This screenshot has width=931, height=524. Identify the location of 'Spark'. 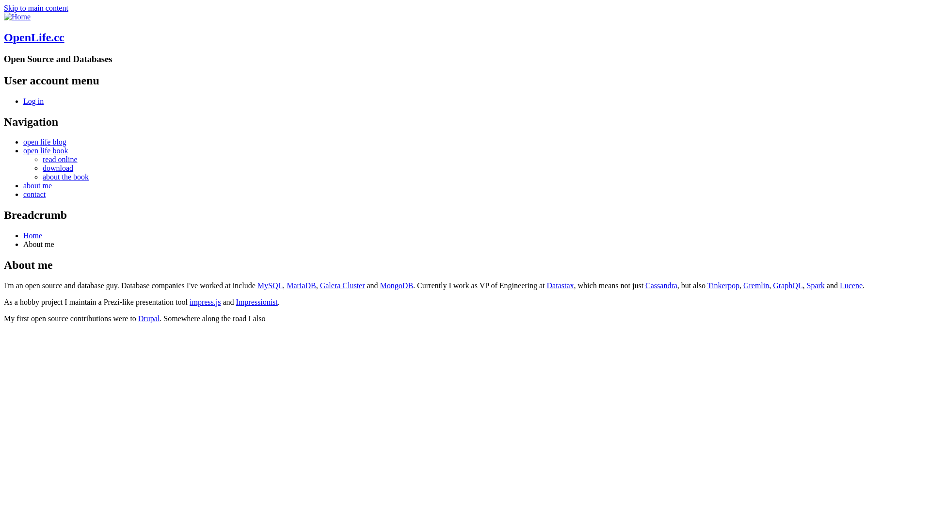
(807, 285).